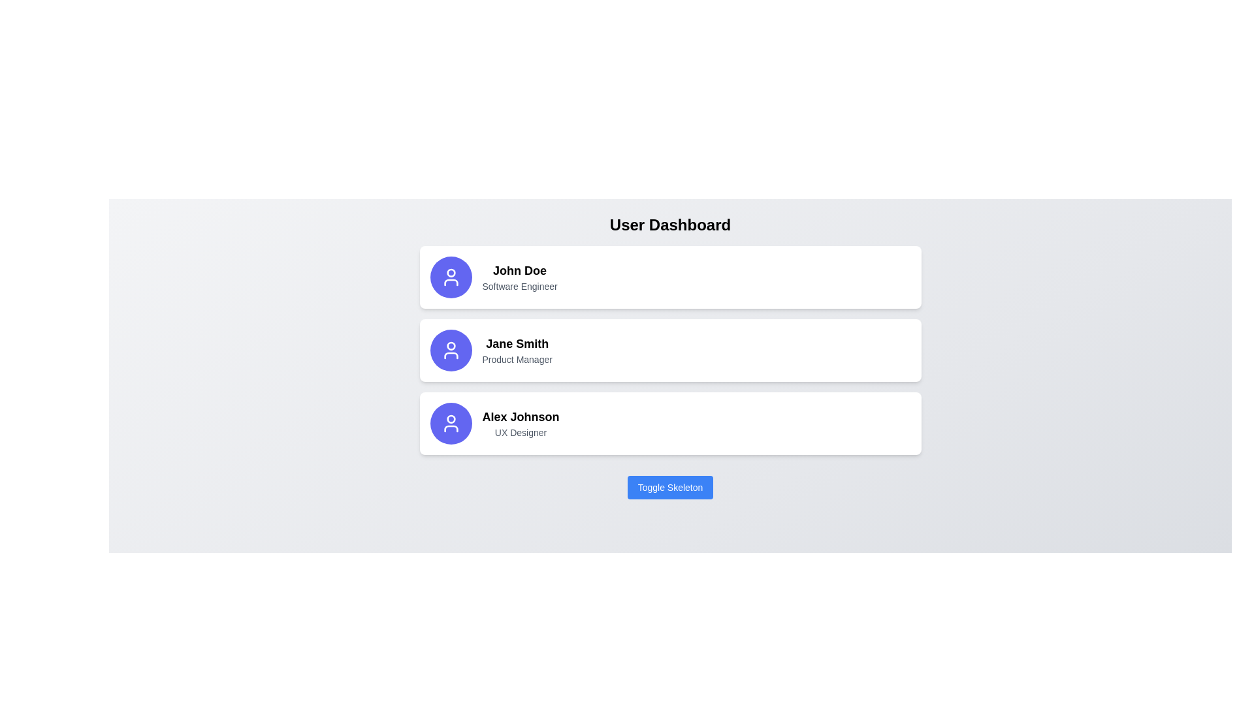  What do you see at coordinates (519, 270) in the screenshot?
I see `the name text of the individual in the first profile card, which is located above the 'Software Engineer' text and to the right of the circular avatar icon` at bounding box center [519, 270].